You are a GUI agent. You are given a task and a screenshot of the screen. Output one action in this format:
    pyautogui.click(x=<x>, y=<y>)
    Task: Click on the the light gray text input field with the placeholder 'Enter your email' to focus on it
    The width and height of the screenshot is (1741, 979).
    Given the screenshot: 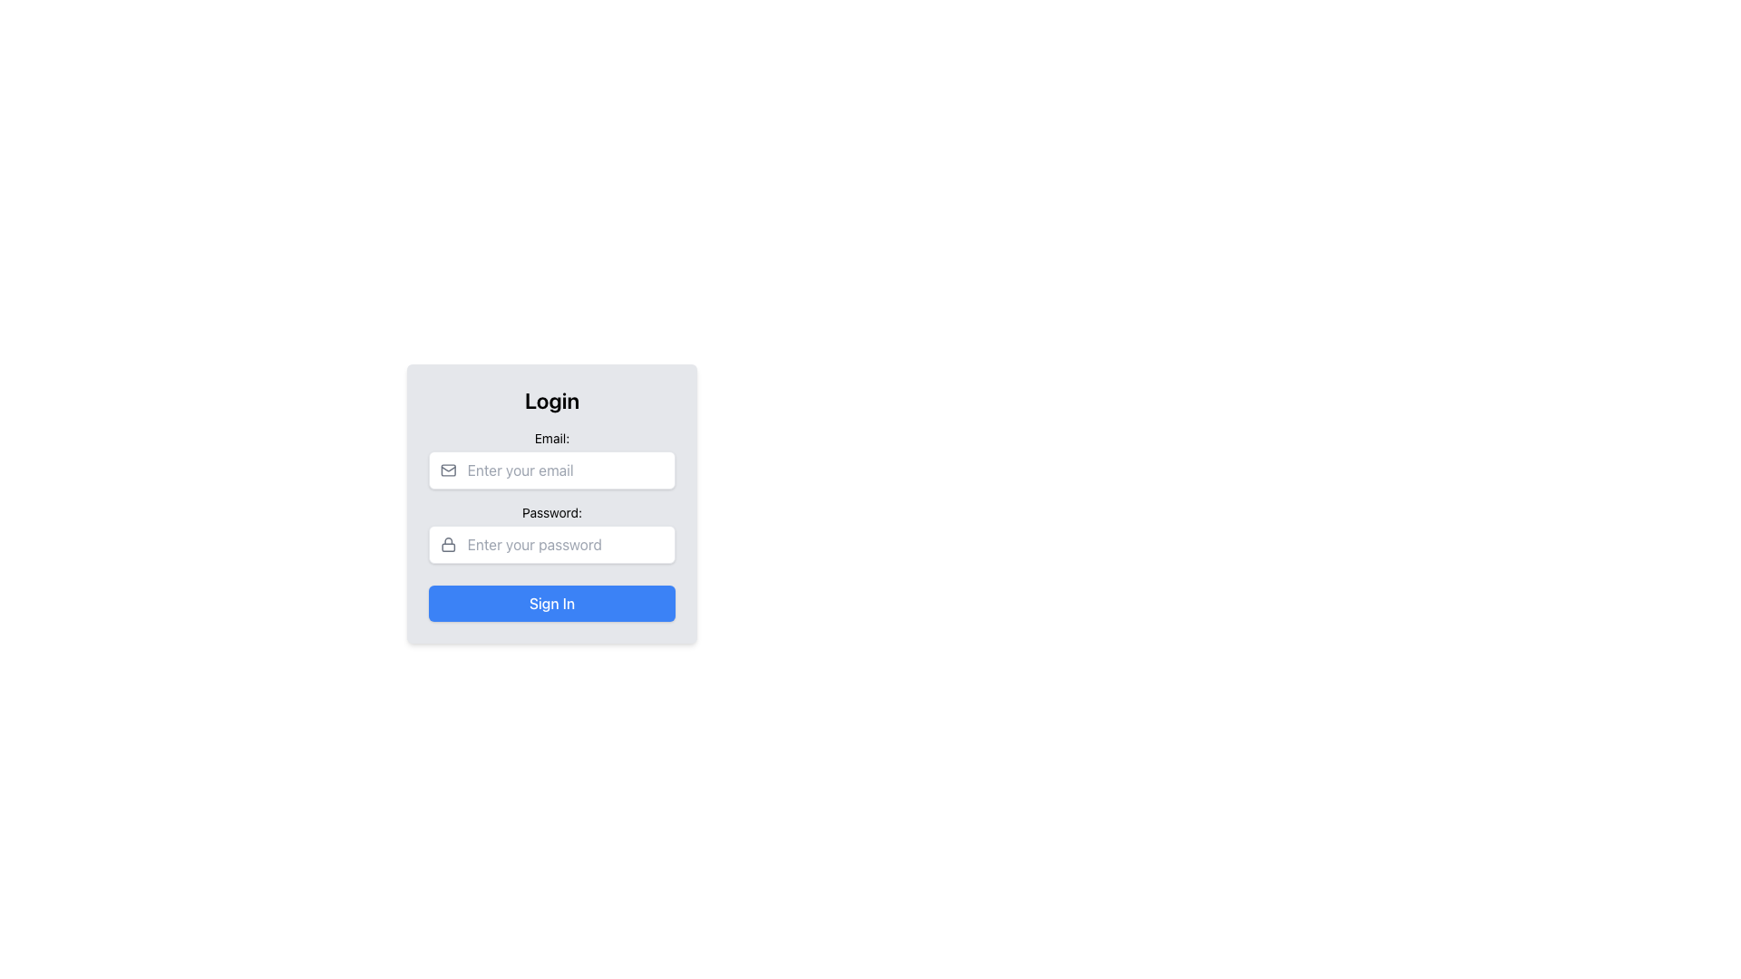 What is the action you would take?
    pyautogui.click(x=564, y=470)
    